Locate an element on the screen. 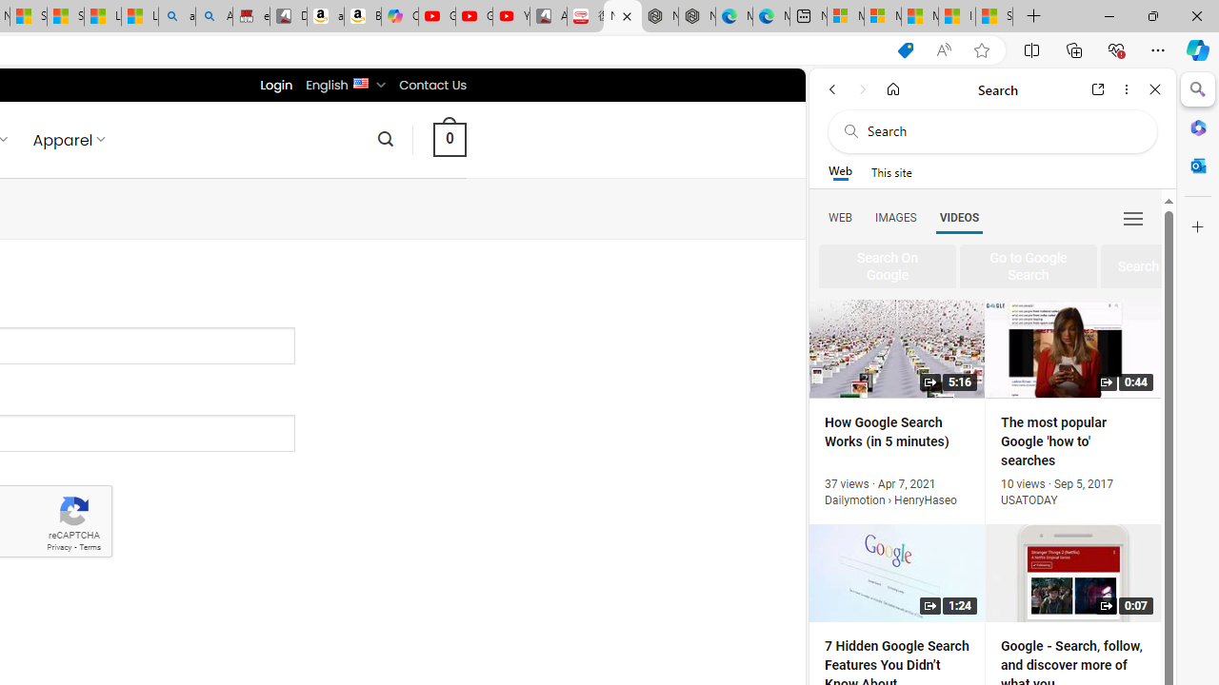 This screenshot has height=685, width=1219. 'VIDEOS' is located at coordinates (959, 216).